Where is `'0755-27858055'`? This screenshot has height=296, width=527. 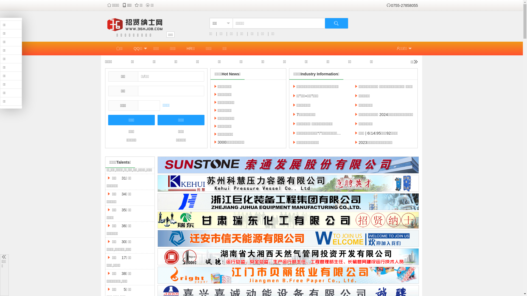
'0755-27858055' is located at coordinates (402, 5).